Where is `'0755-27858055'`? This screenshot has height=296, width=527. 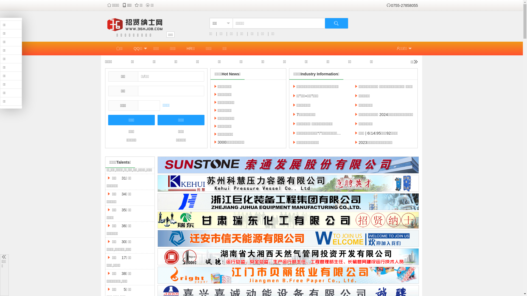
'0755-27858055' is located at coordinates (402, 5).